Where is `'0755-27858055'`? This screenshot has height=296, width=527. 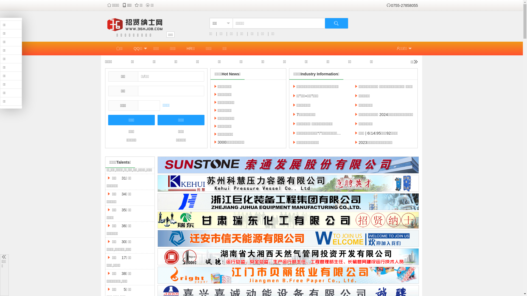
'0755-27858055' is located at coordinates (402, 5).